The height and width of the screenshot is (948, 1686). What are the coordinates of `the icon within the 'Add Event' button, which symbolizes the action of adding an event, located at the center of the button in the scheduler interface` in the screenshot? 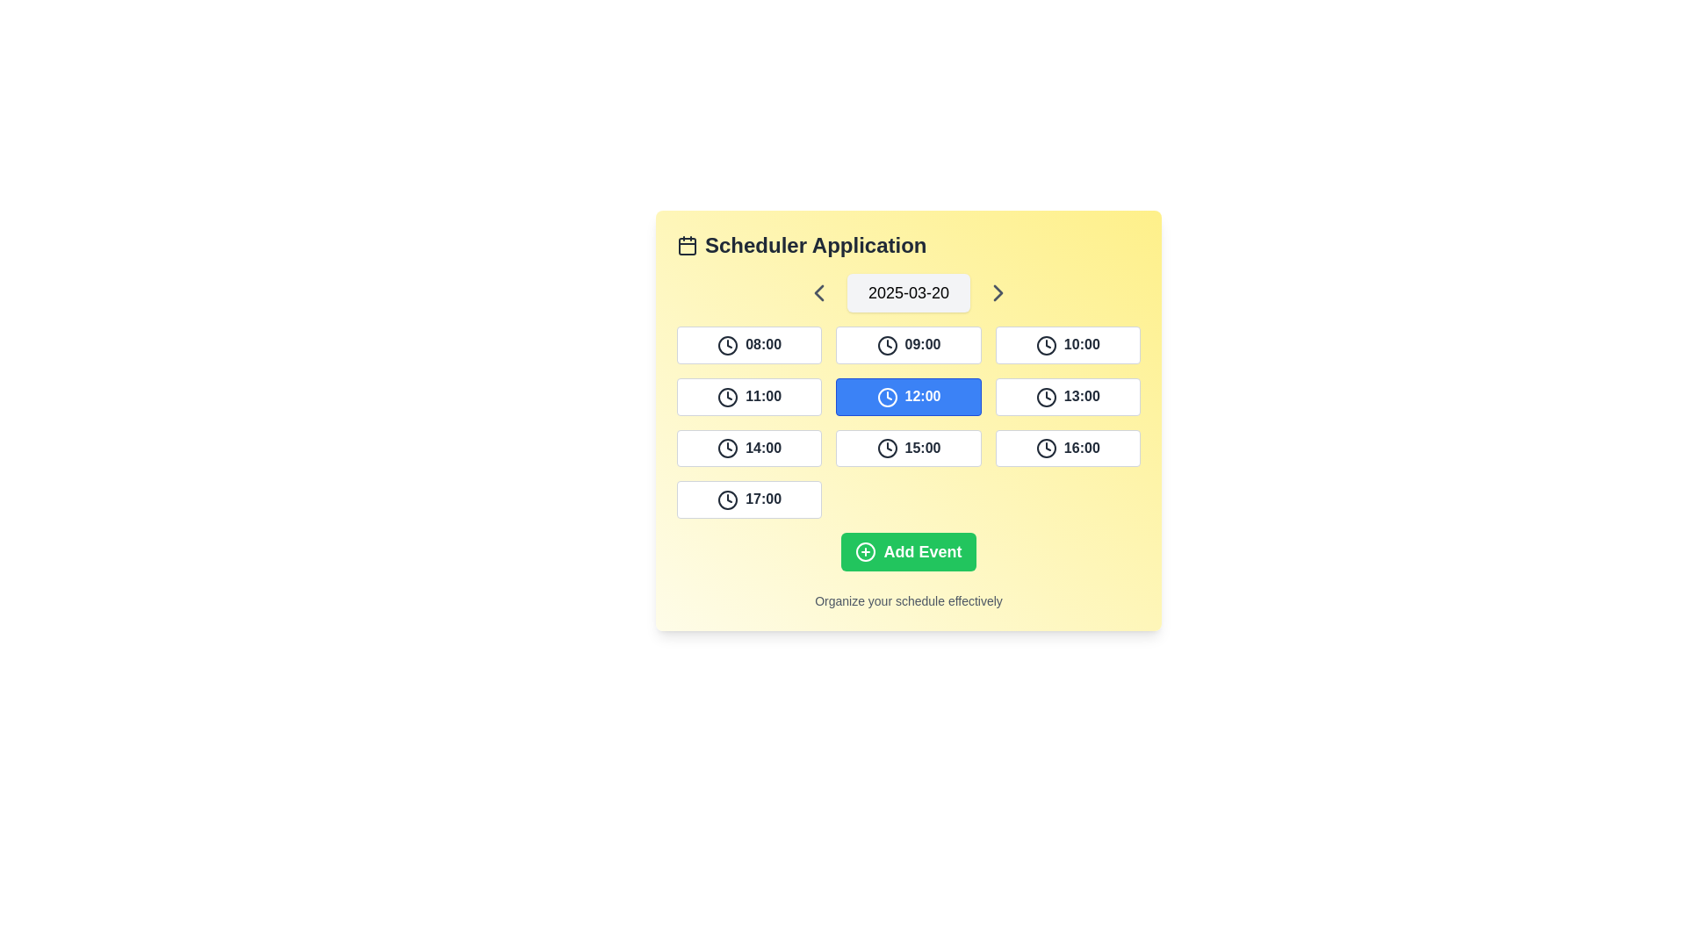 It's located at (866, 551).